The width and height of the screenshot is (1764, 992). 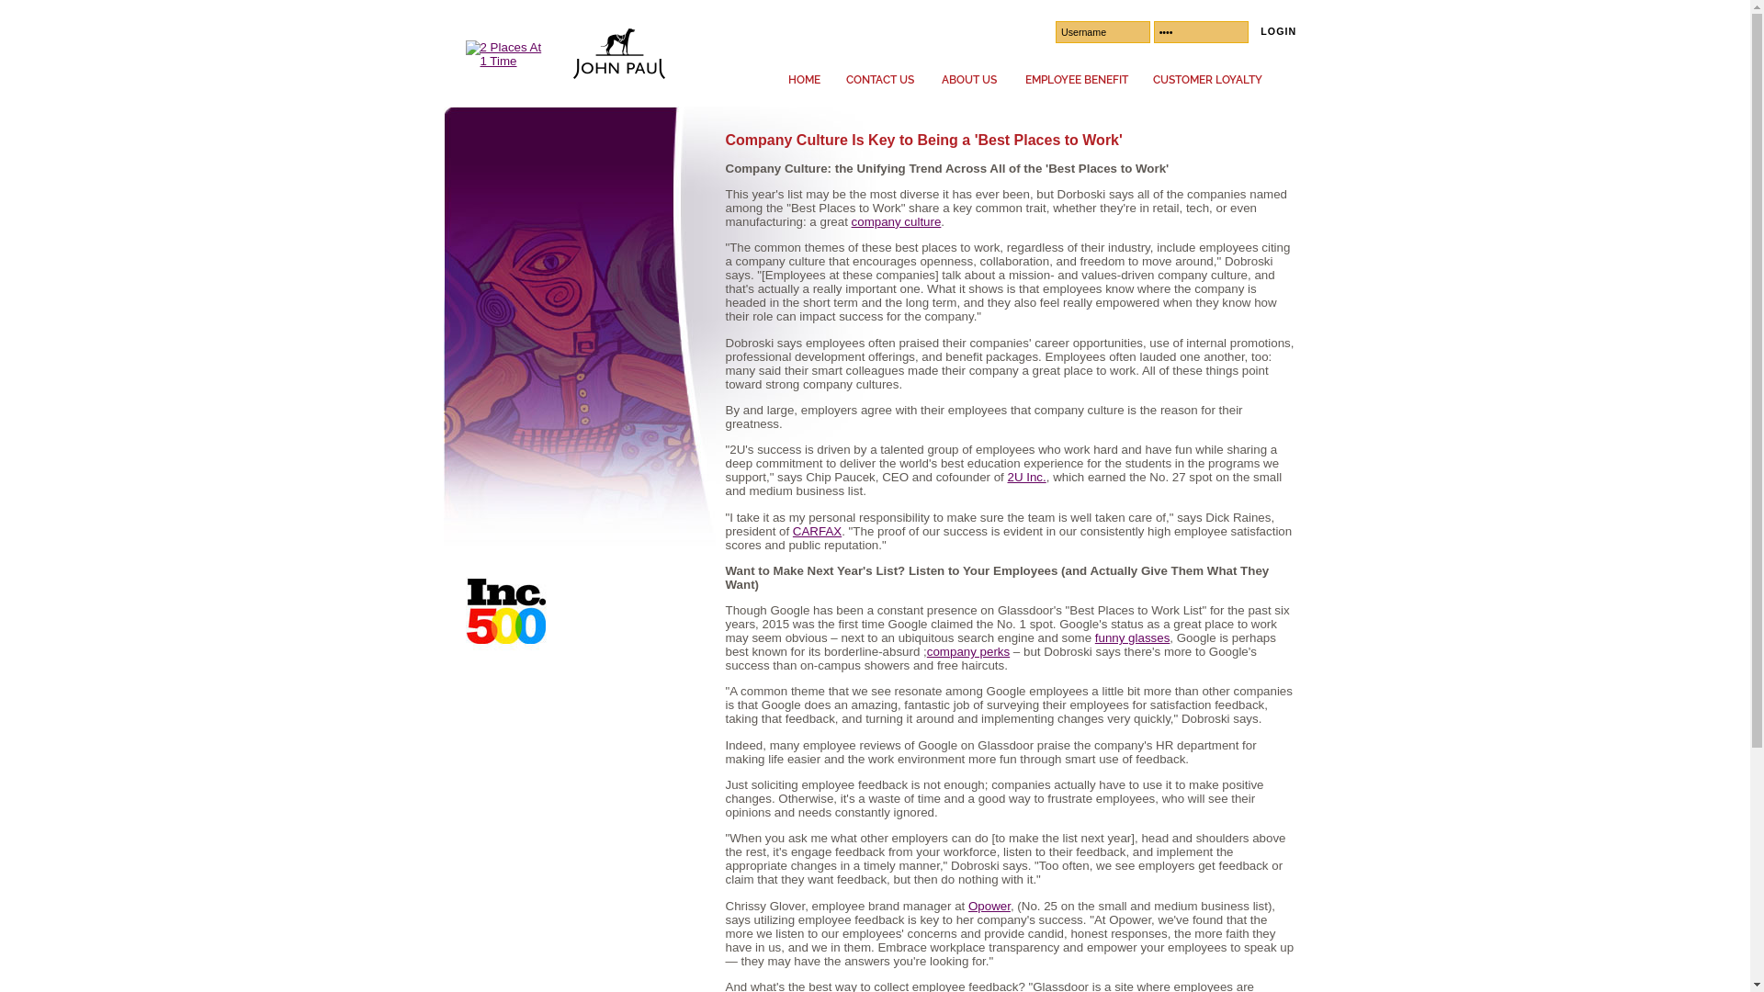 What do you see at coordinates (1132, 637) in the screenshot?
I see `'funny glasses'` at bounding box center [1132, 637].